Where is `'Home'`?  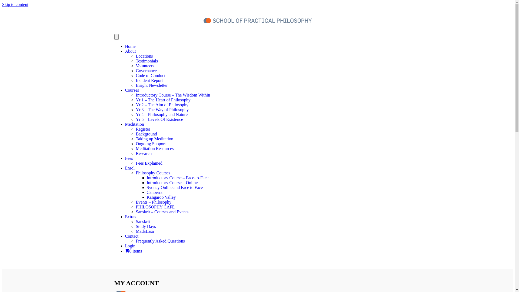 'Home' is located at coordinates (130, 46).